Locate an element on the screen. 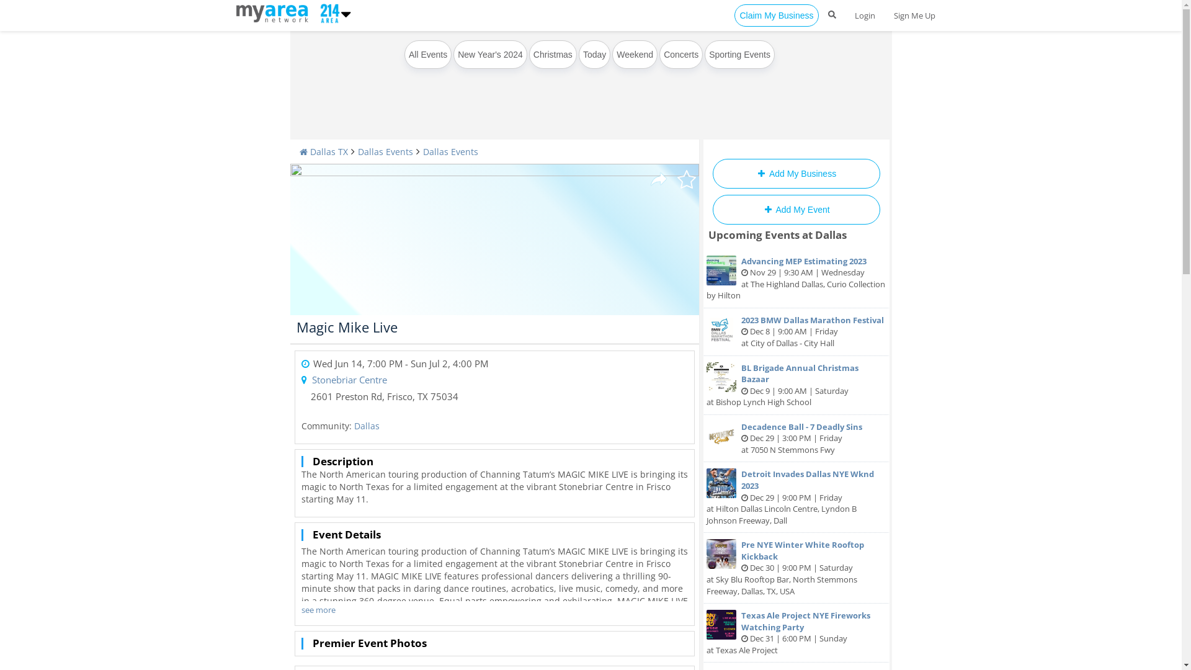 Image resolution: width=1191 pixels, height=670 pixels. 'Upcoming Events at Dallas' is located at coordinates (777, 234).